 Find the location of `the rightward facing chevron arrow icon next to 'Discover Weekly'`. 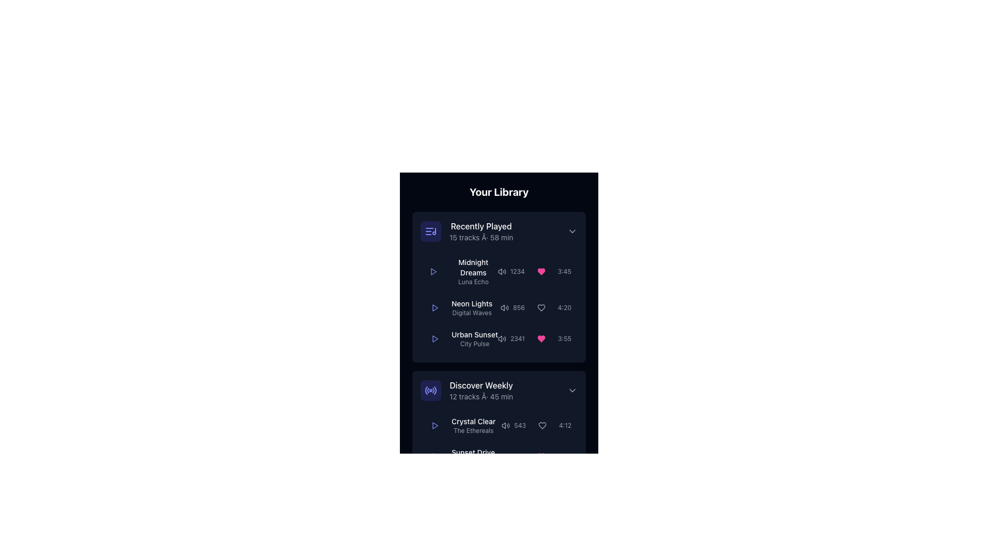

the rightward facing chevron arrow icon next to 'Discover Weekly' is located at coordinates (572, 391).